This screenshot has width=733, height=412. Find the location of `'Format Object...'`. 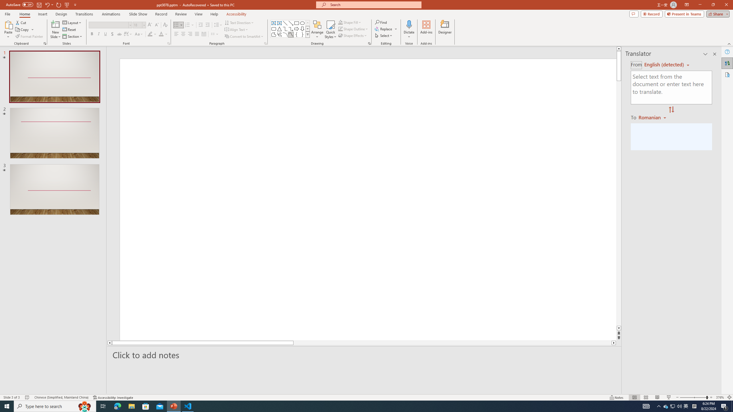

'Format Object...' is located at coordinates (369, 43).